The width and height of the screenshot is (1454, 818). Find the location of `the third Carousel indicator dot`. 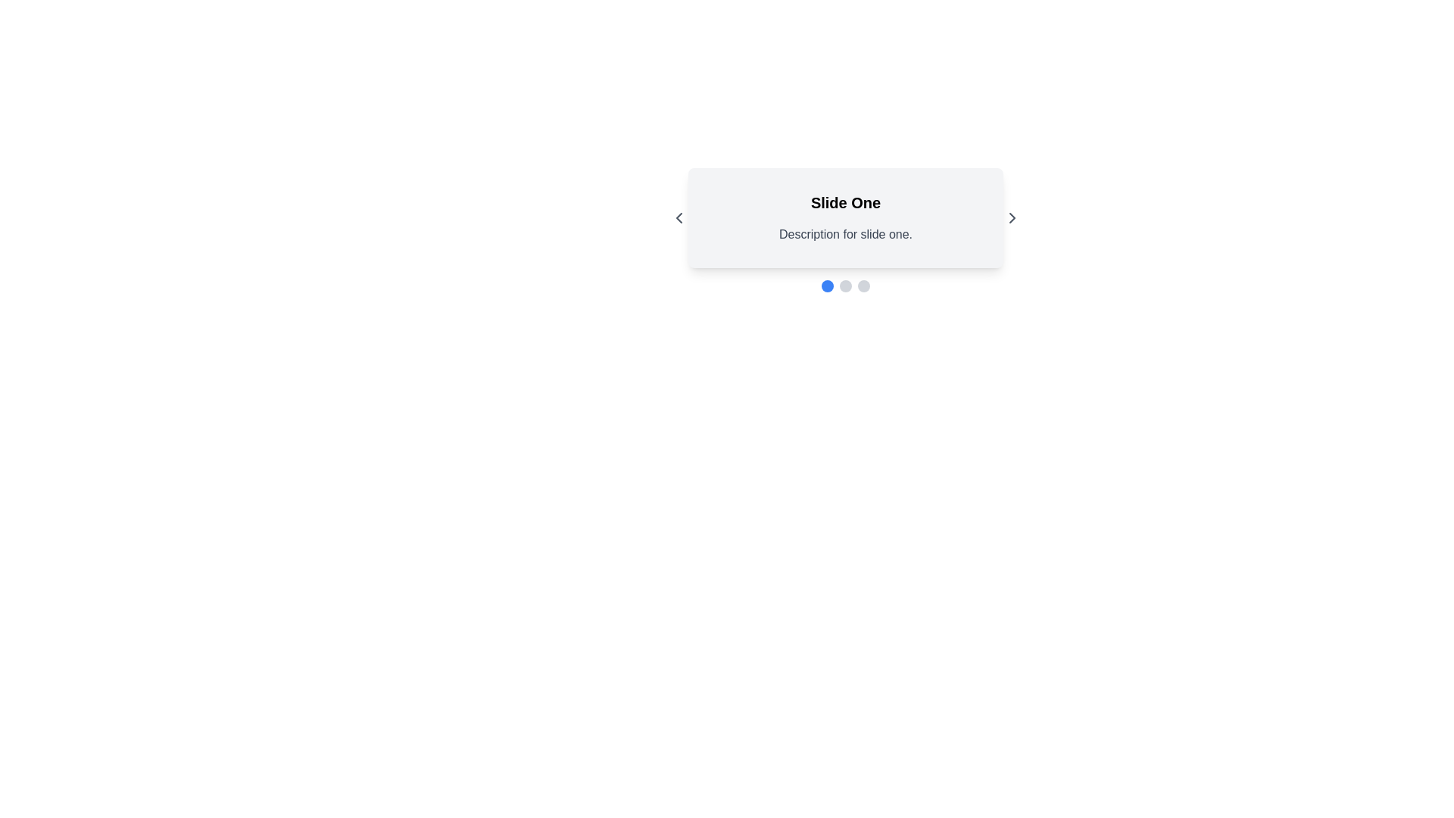

the third Carousel indicator dot is located at coordinates (864, 286).